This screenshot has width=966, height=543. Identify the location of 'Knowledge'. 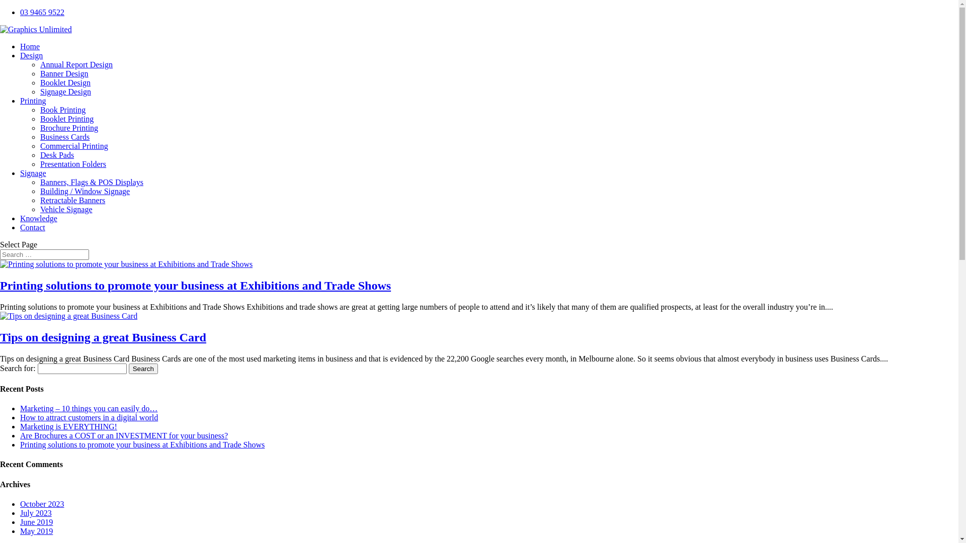
(38, 218).